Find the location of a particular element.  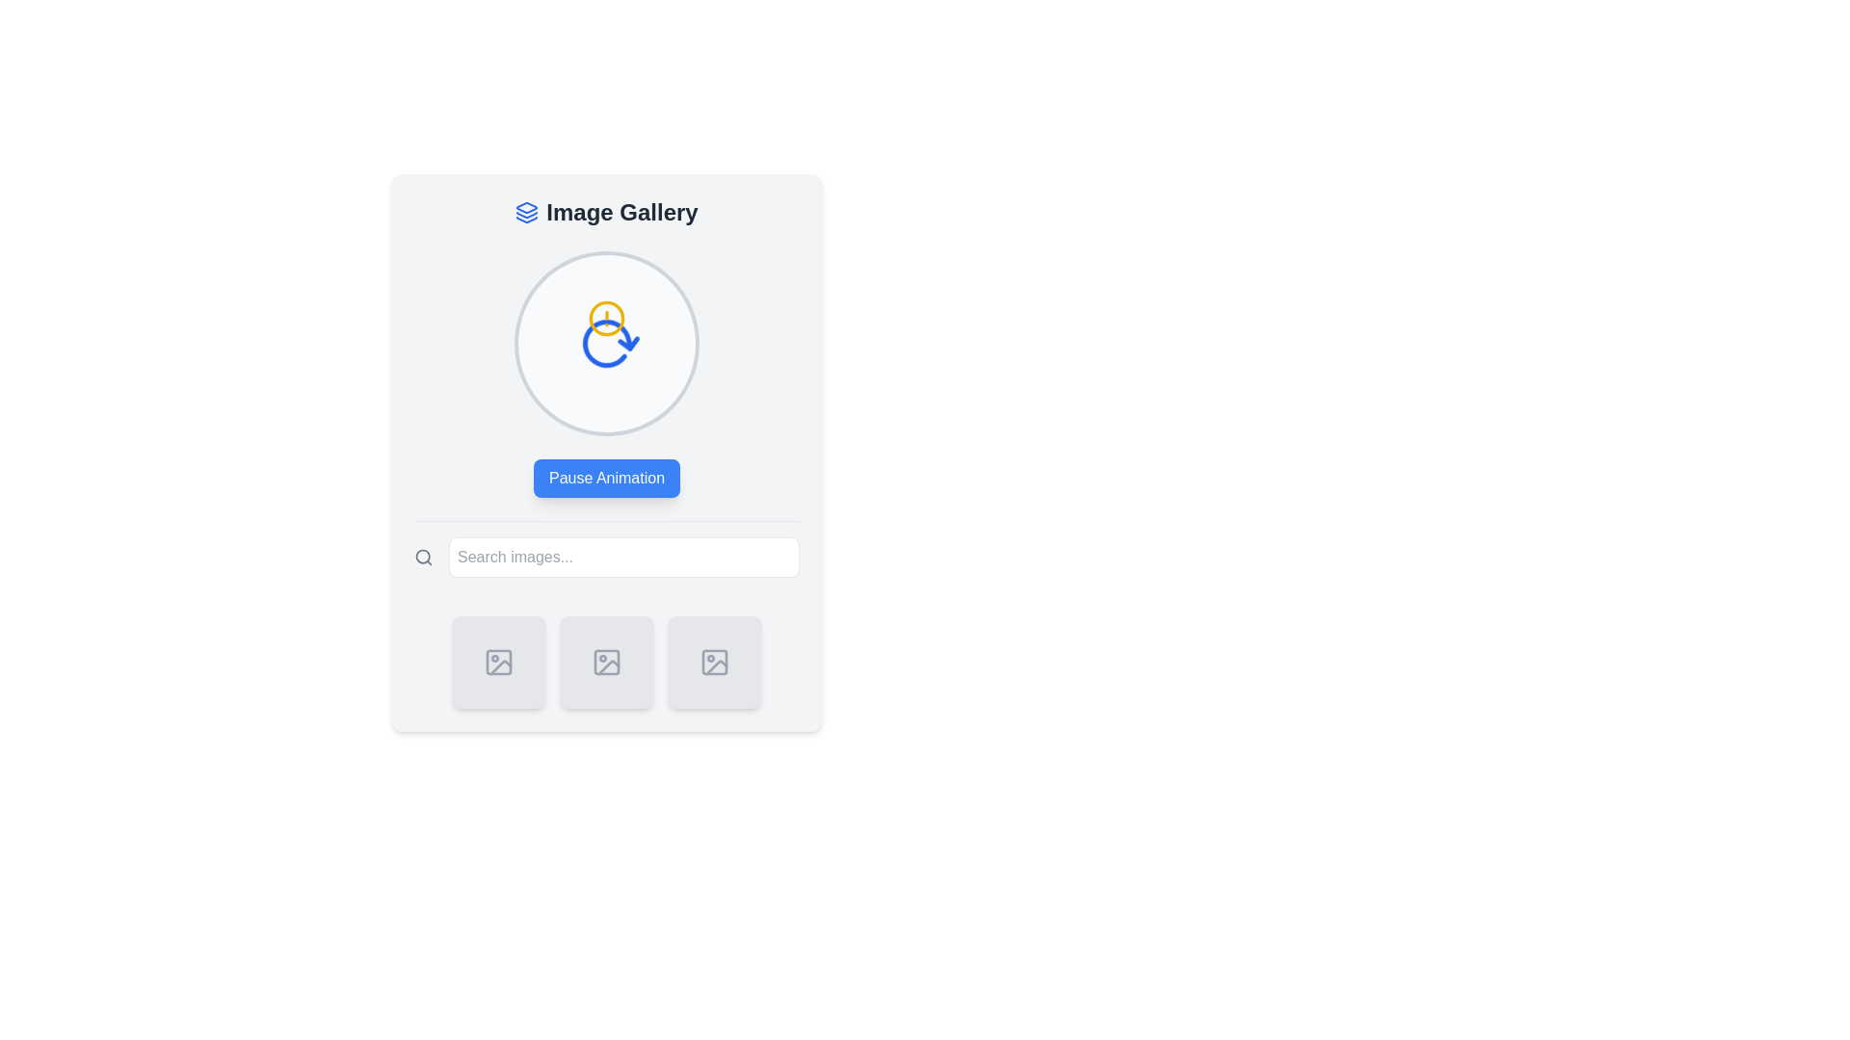

the animation within the circular interactive visual indication component located in the 'Image Gallery' card, which features a rotating blue arrow and a yellow circular alert icon is located at coordinates (605, 343).